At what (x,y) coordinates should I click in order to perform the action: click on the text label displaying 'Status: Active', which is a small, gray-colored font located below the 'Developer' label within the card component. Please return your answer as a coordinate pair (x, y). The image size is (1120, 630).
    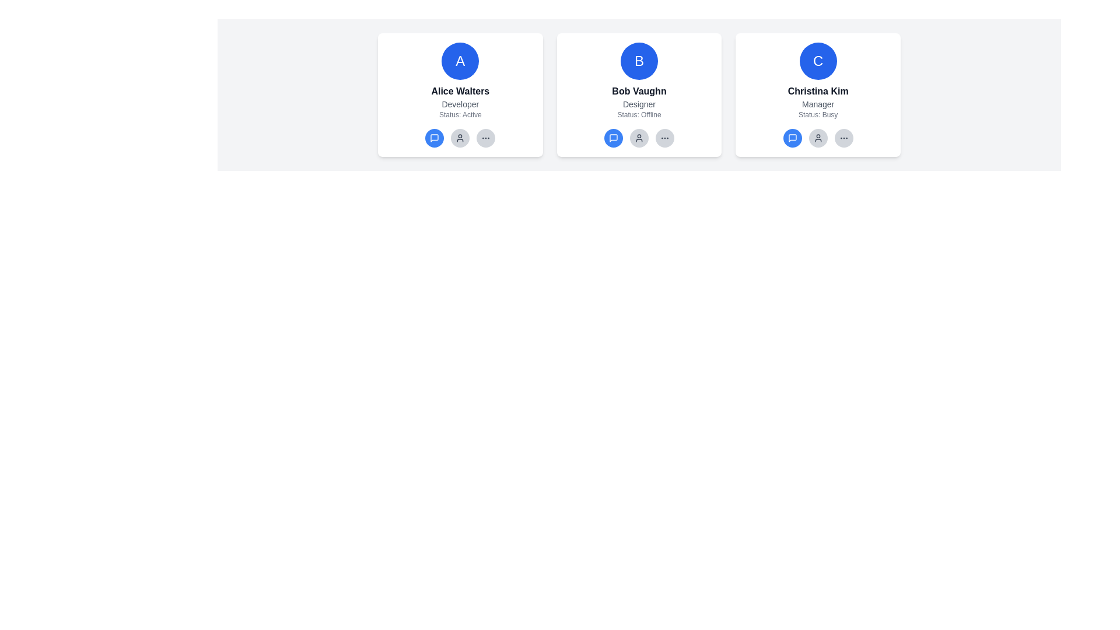
    Looking at the image, I should click on (460, 114).